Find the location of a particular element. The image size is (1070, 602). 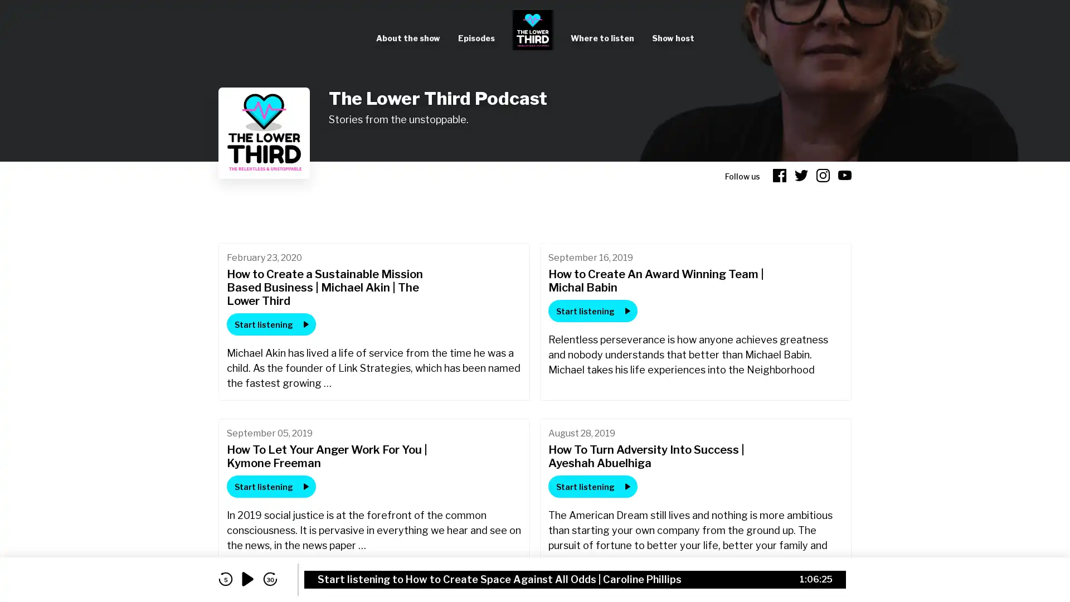

skip back 5 seconds is located at coordinates (225, 579).